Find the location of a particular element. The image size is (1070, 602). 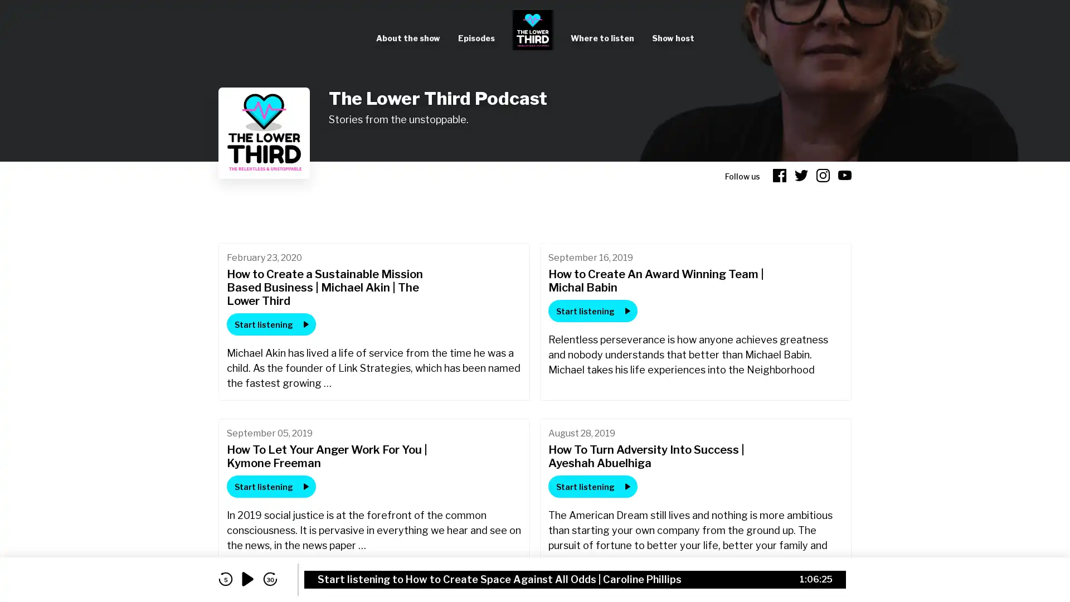

skip back 5 seconds is located at coordinates (225, 579).